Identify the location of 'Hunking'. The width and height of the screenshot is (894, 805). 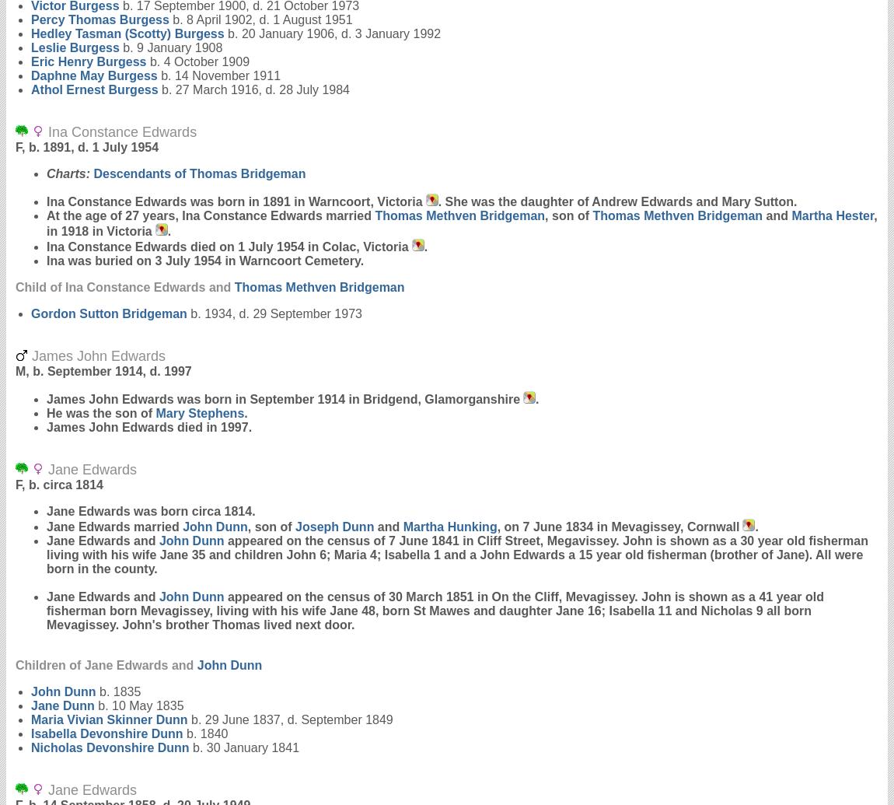
(447, 526).